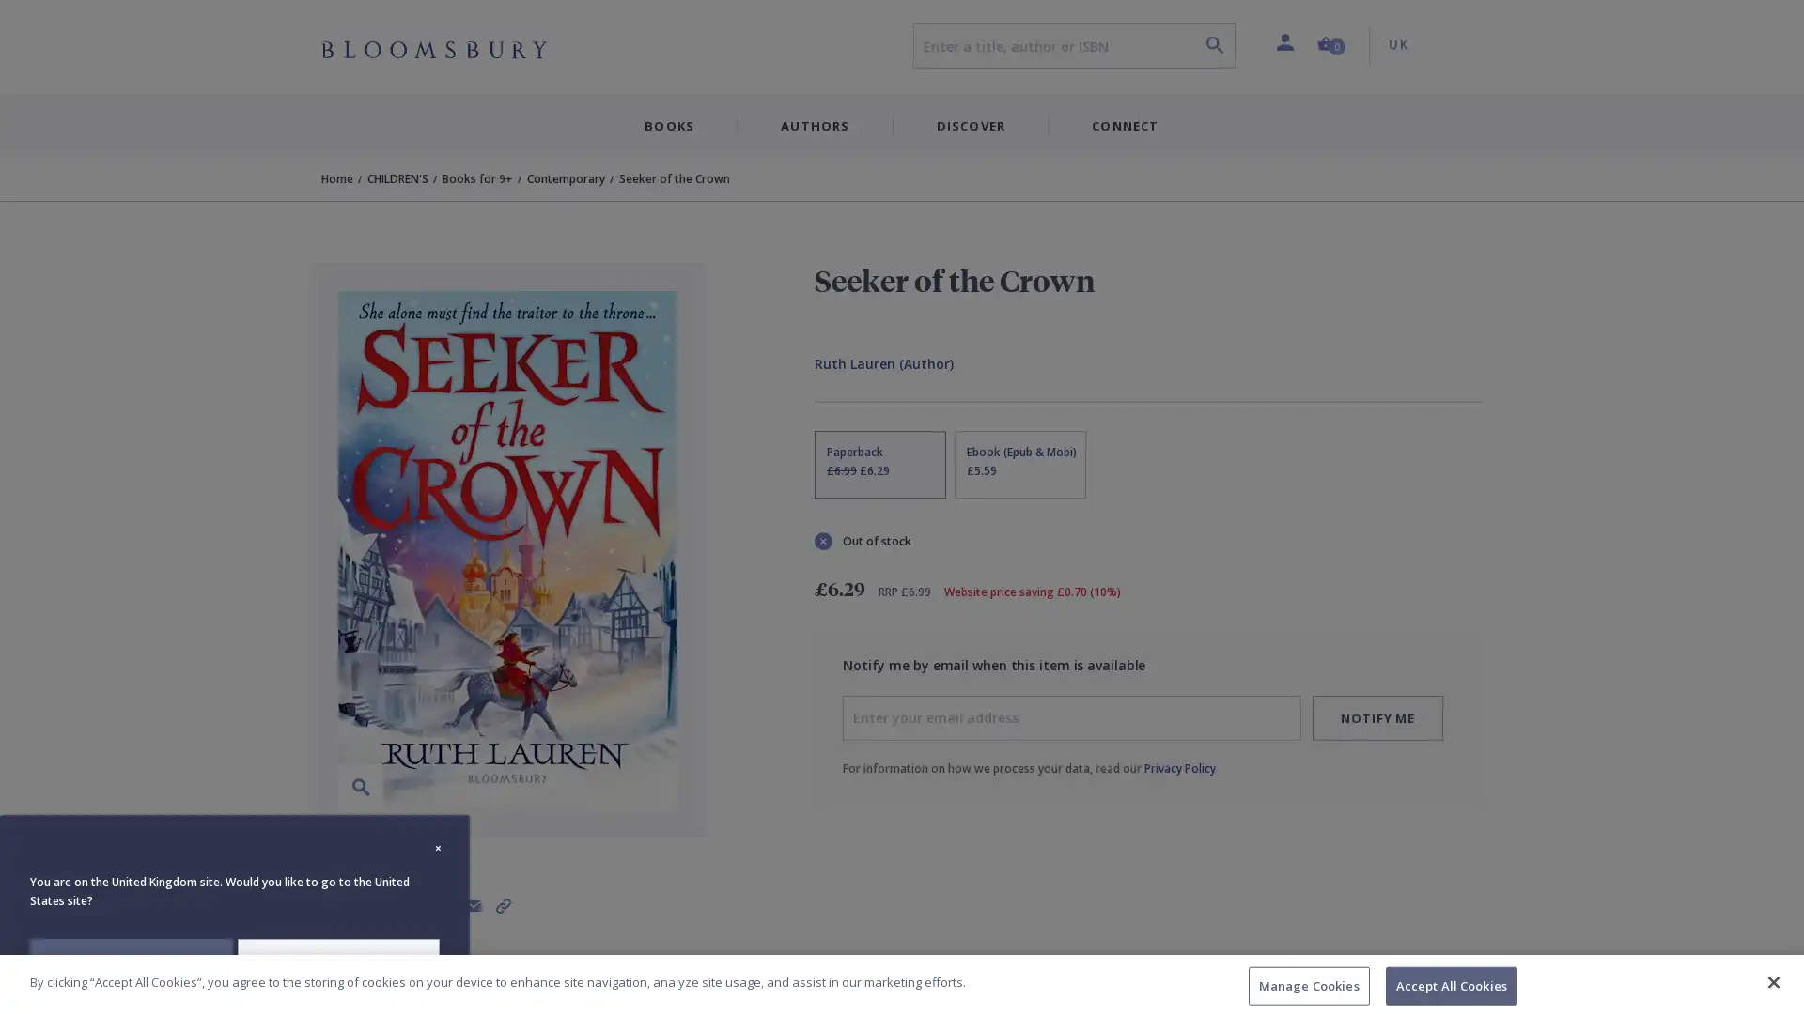  I want to click on STAY, so click(130, 960).